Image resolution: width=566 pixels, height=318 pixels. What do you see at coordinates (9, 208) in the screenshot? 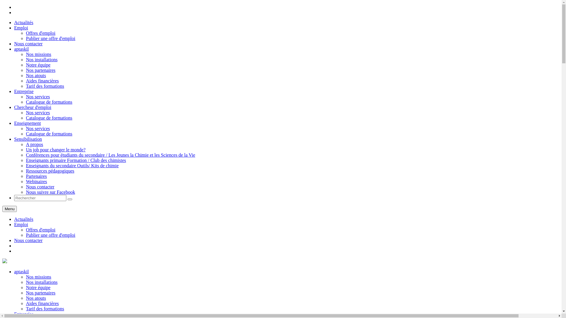
I see `'Menu'` at bounding box center [9, 208].